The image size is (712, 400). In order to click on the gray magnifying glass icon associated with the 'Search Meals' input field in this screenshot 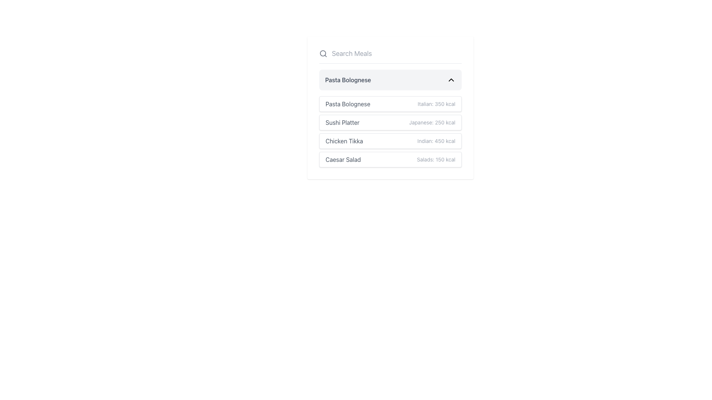, I will do `click(323, 53)`.